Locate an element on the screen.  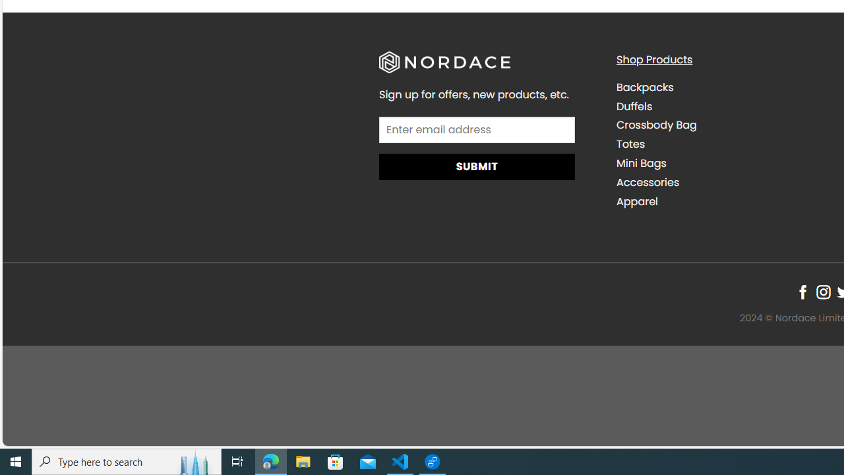
'AutomationID: input_4_1' is located at coordinates (476, 129).